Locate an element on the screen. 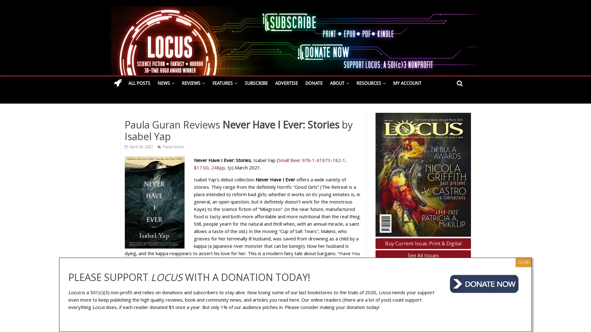 The height and width of the screenshot is (332, 591). See All Issues is located at coordinates (423, 255).